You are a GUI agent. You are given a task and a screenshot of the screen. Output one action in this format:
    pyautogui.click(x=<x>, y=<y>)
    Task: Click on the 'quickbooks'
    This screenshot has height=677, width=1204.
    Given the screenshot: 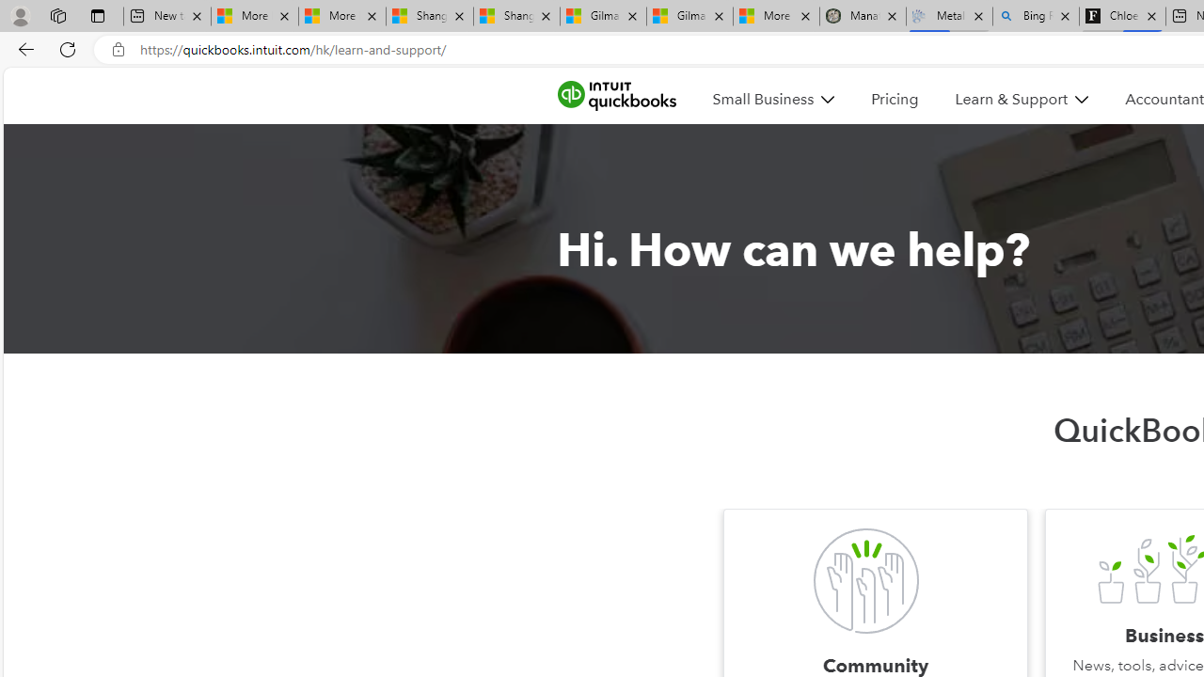 What is the action you would take?
    pyautogui.click(x=616, y=95)
    